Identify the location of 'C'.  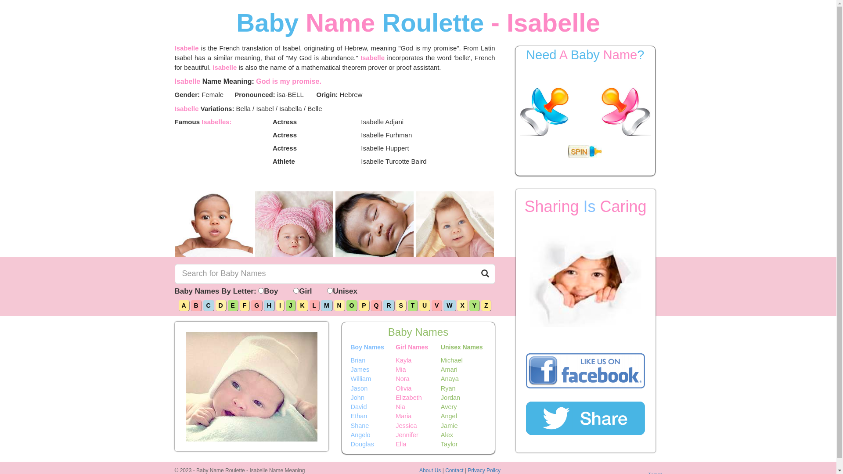
(208, 305).